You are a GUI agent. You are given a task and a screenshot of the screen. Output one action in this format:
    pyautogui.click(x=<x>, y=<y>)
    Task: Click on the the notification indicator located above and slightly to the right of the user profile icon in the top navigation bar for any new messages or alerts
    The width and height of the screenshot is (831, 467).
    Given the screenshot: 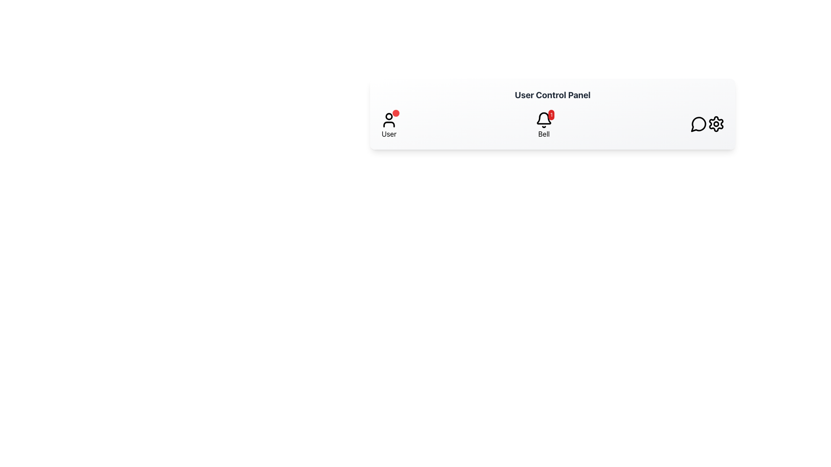 What is the action you would take?
    pyautogui.click(x=388, y=116)
    